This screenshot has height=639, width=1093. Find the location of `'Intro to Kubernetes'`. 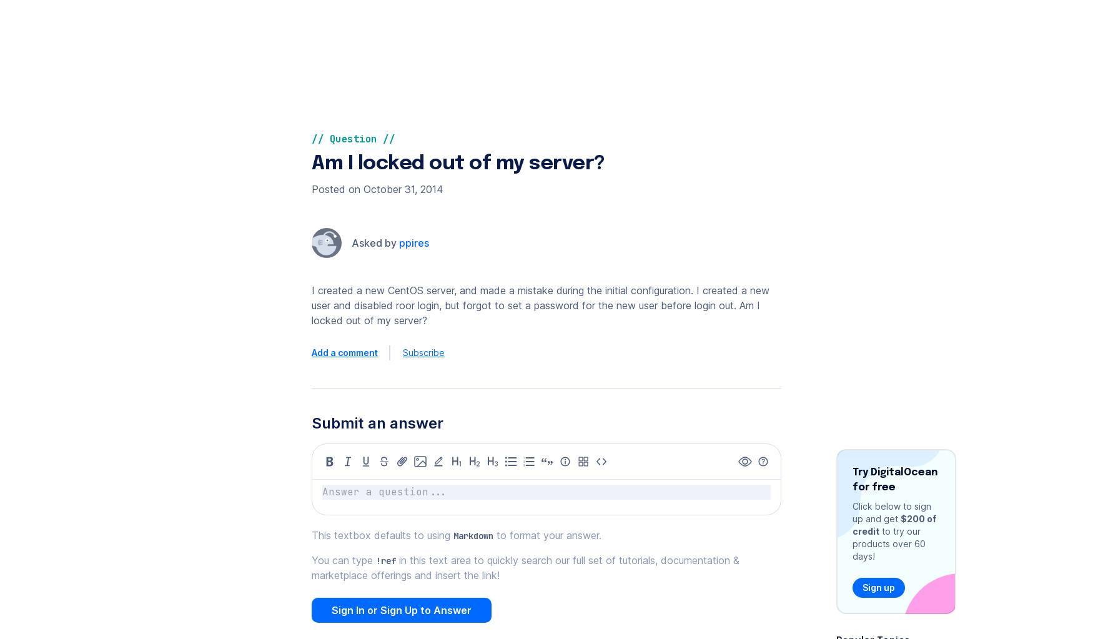

'Intro to Kubernetes' is located at coordinates (784, 37).